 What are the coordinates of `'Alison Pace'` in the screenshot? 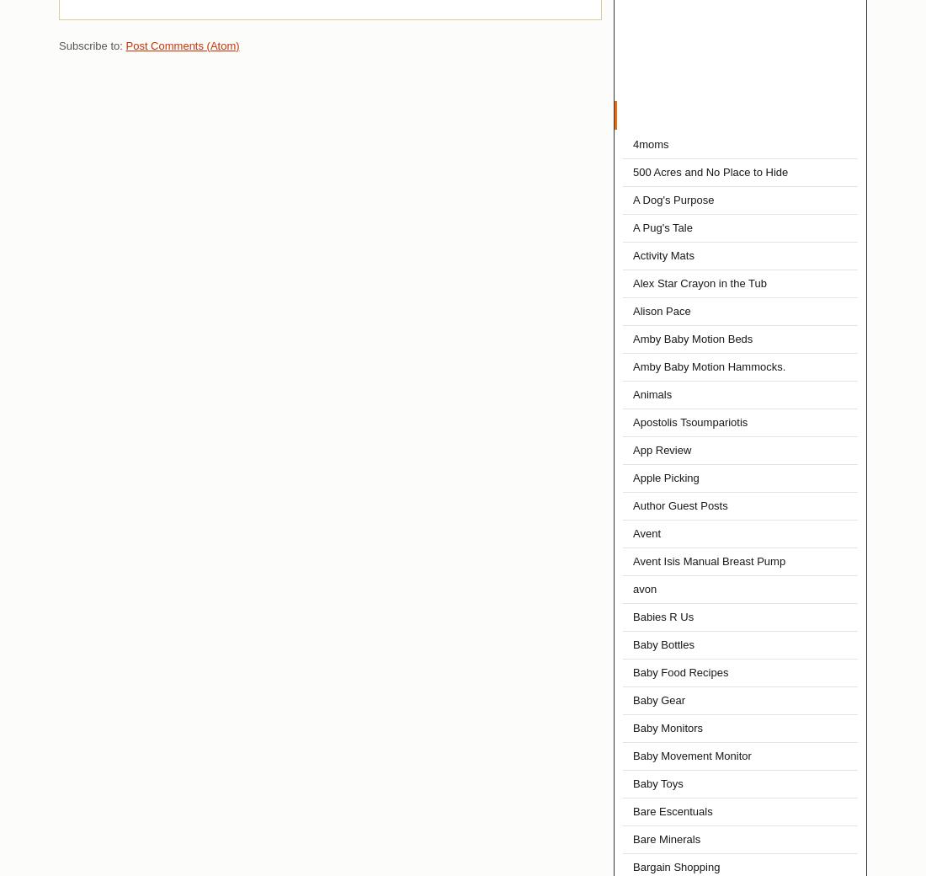 It's located at (661, 310).